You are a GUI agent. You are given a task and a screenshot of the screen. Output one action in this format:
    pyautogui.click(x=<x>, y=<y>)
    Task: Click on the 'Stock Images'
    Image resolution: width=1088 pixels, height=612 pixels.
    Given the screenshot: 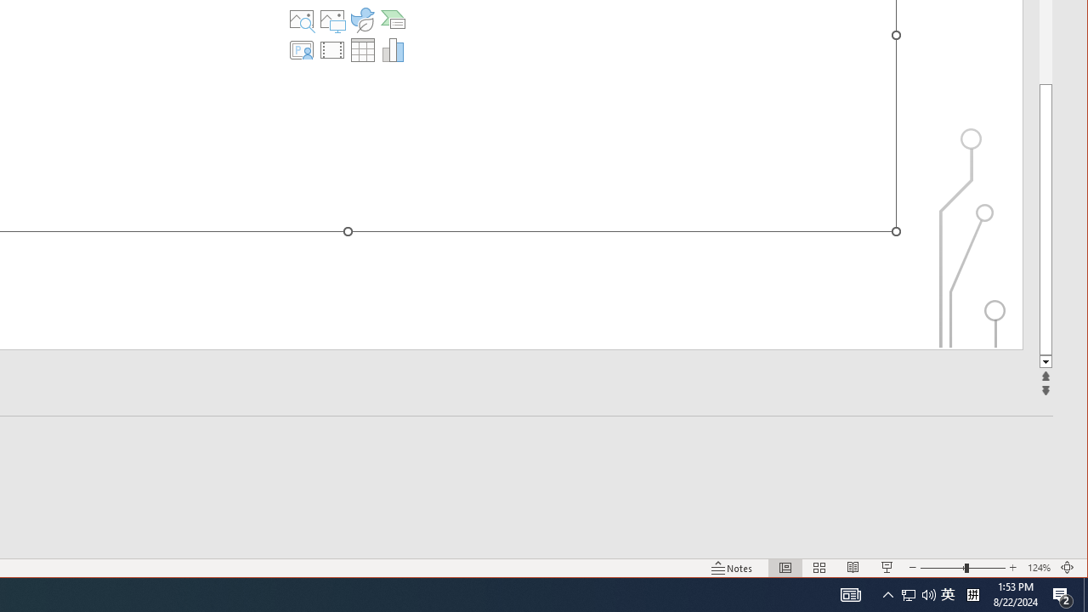 What is the action you would take?
    pyautogui.click(x=302, y=20)
    